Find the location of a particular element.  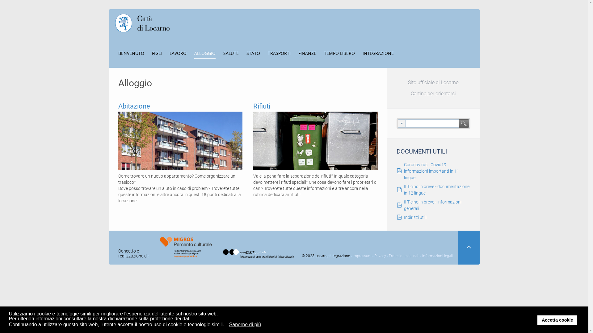

'TEMPO LIBERO' is located at coordinates (339, 53).